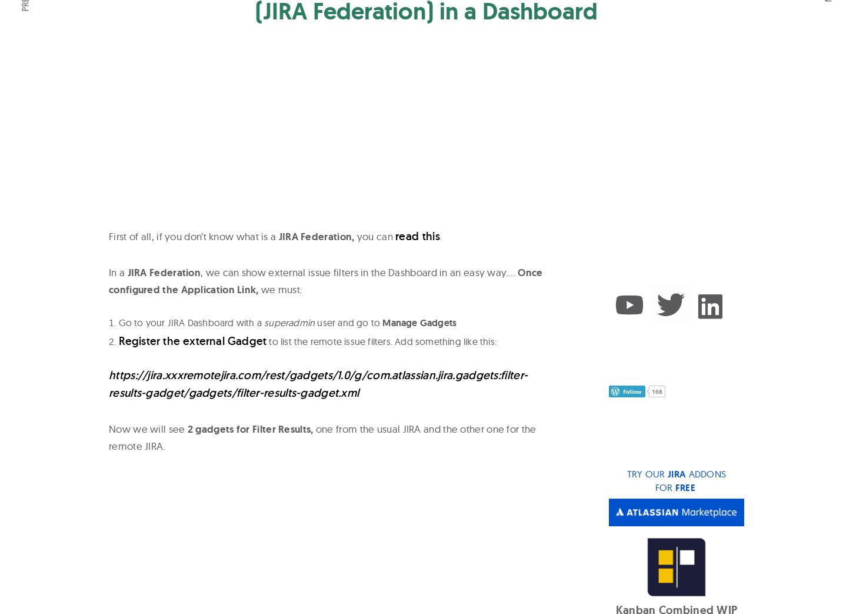  I want to click on 'you can', so click(374, 235).